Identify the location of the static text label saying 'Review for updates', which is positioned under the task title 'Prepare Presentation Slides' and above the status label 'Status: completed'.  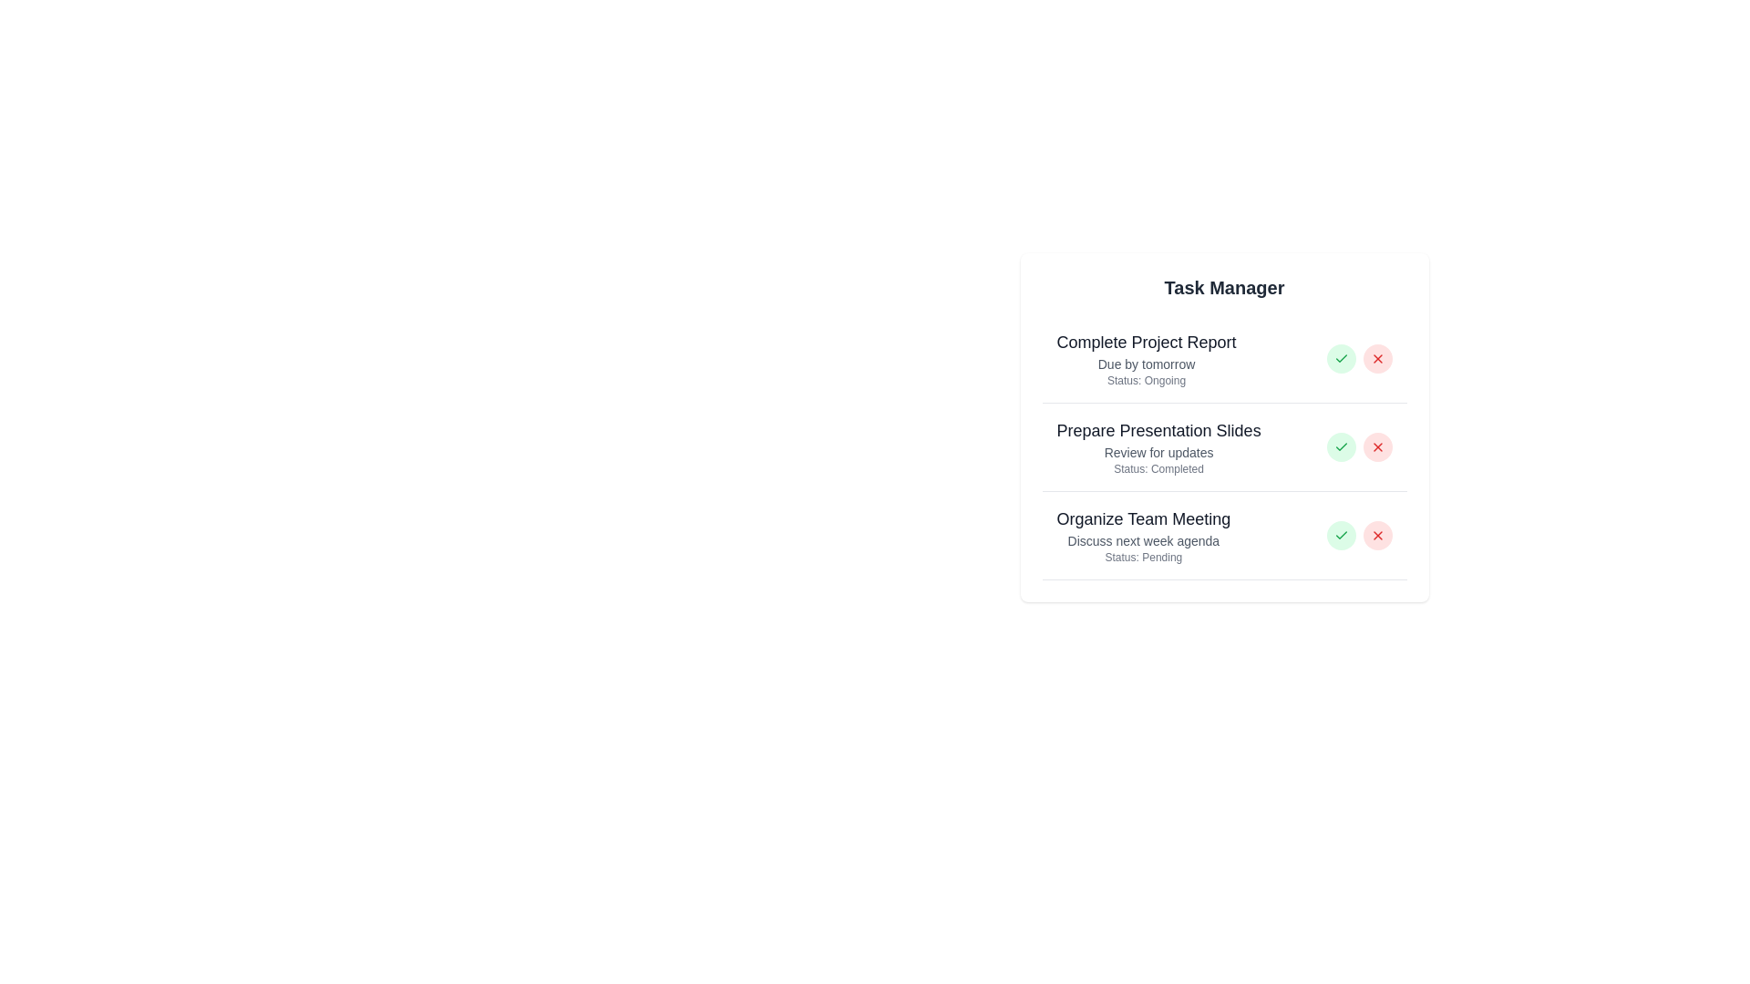
(1158, 452).